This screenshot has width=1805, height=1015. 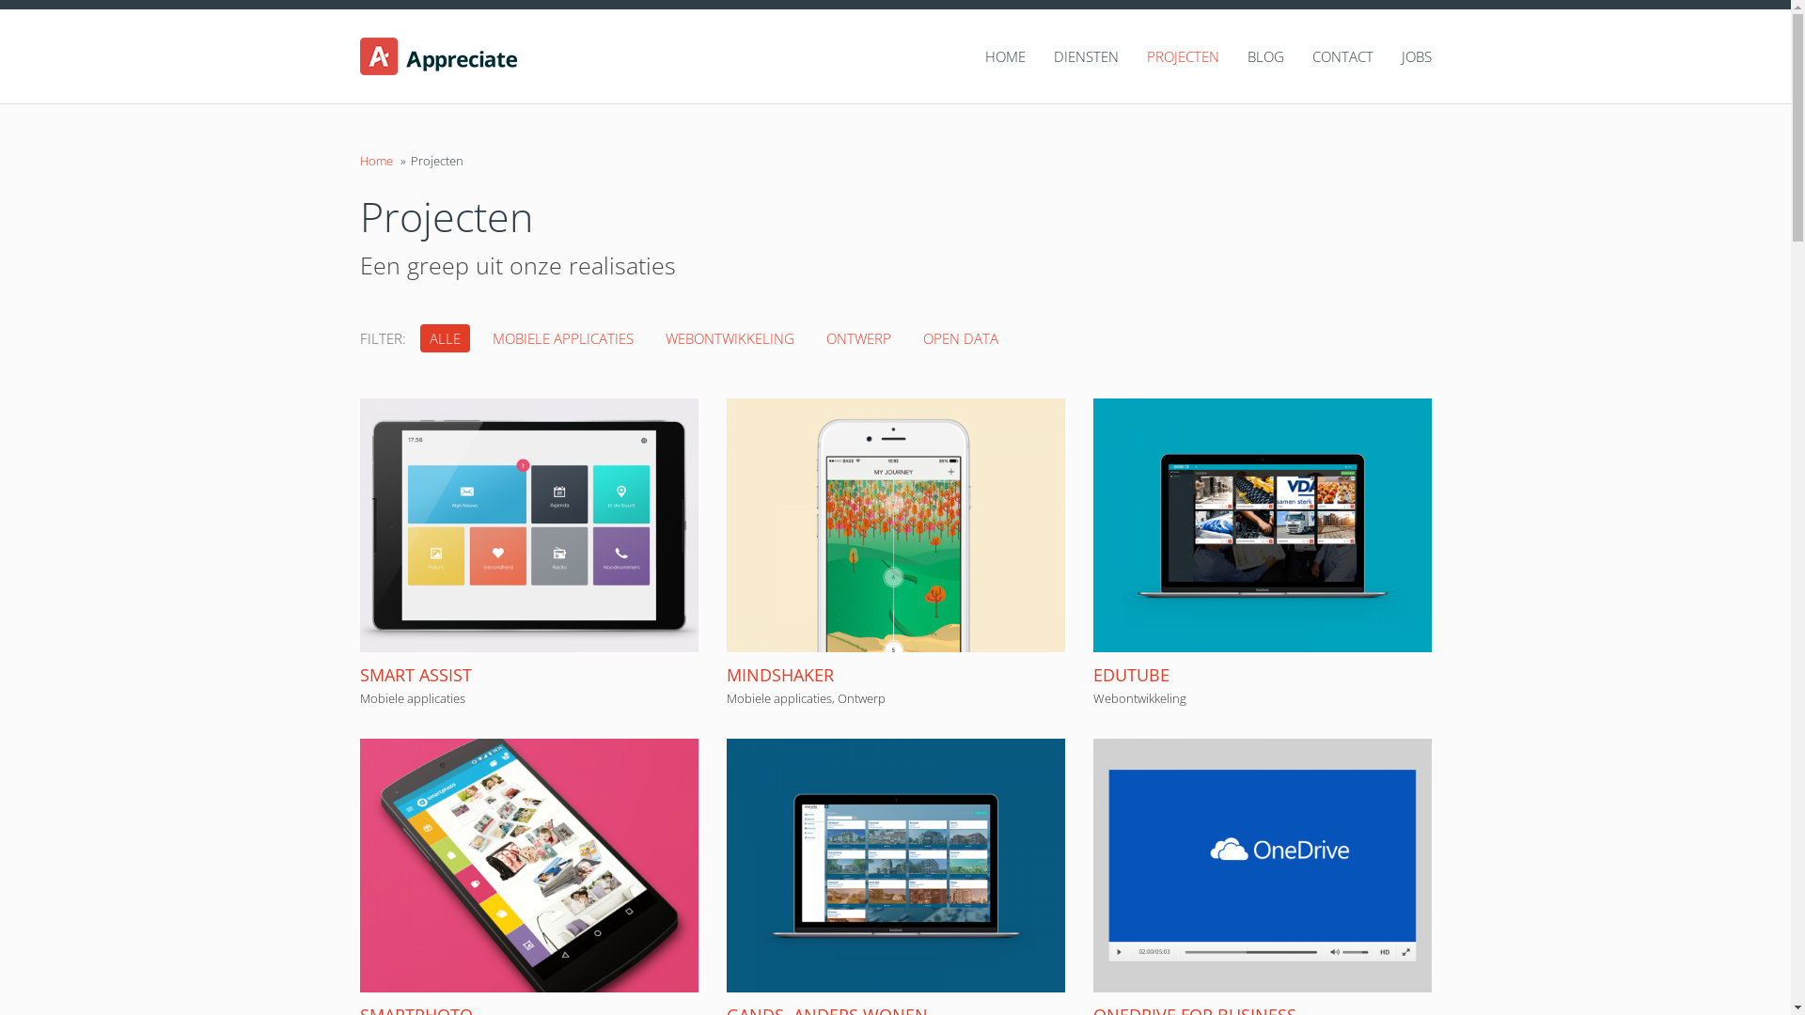 I want to click on 'Ontwerp', so click(x=859, y=698).